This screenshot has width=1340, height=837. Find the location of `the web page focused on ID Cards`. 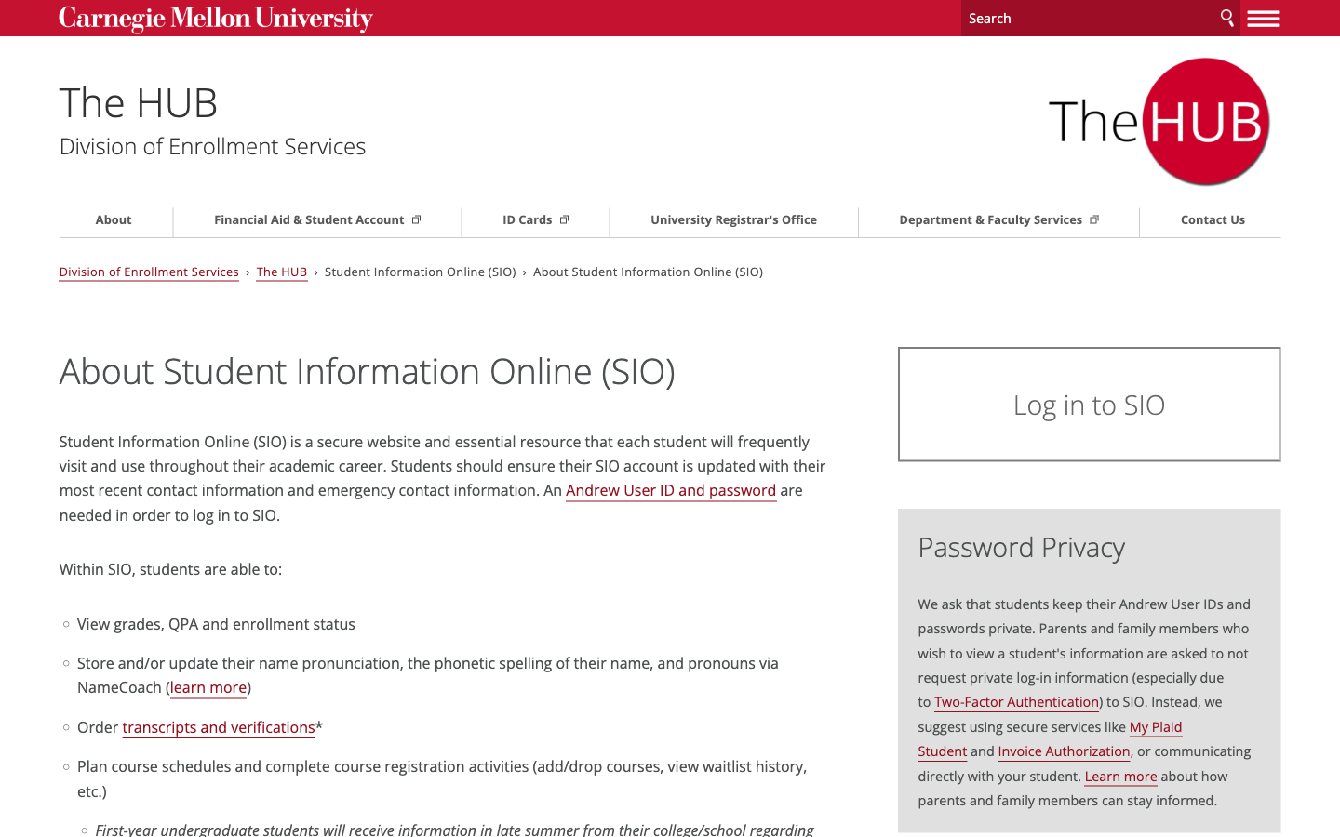

the web page focused on ID Cards is located at coordinates (543, 219).